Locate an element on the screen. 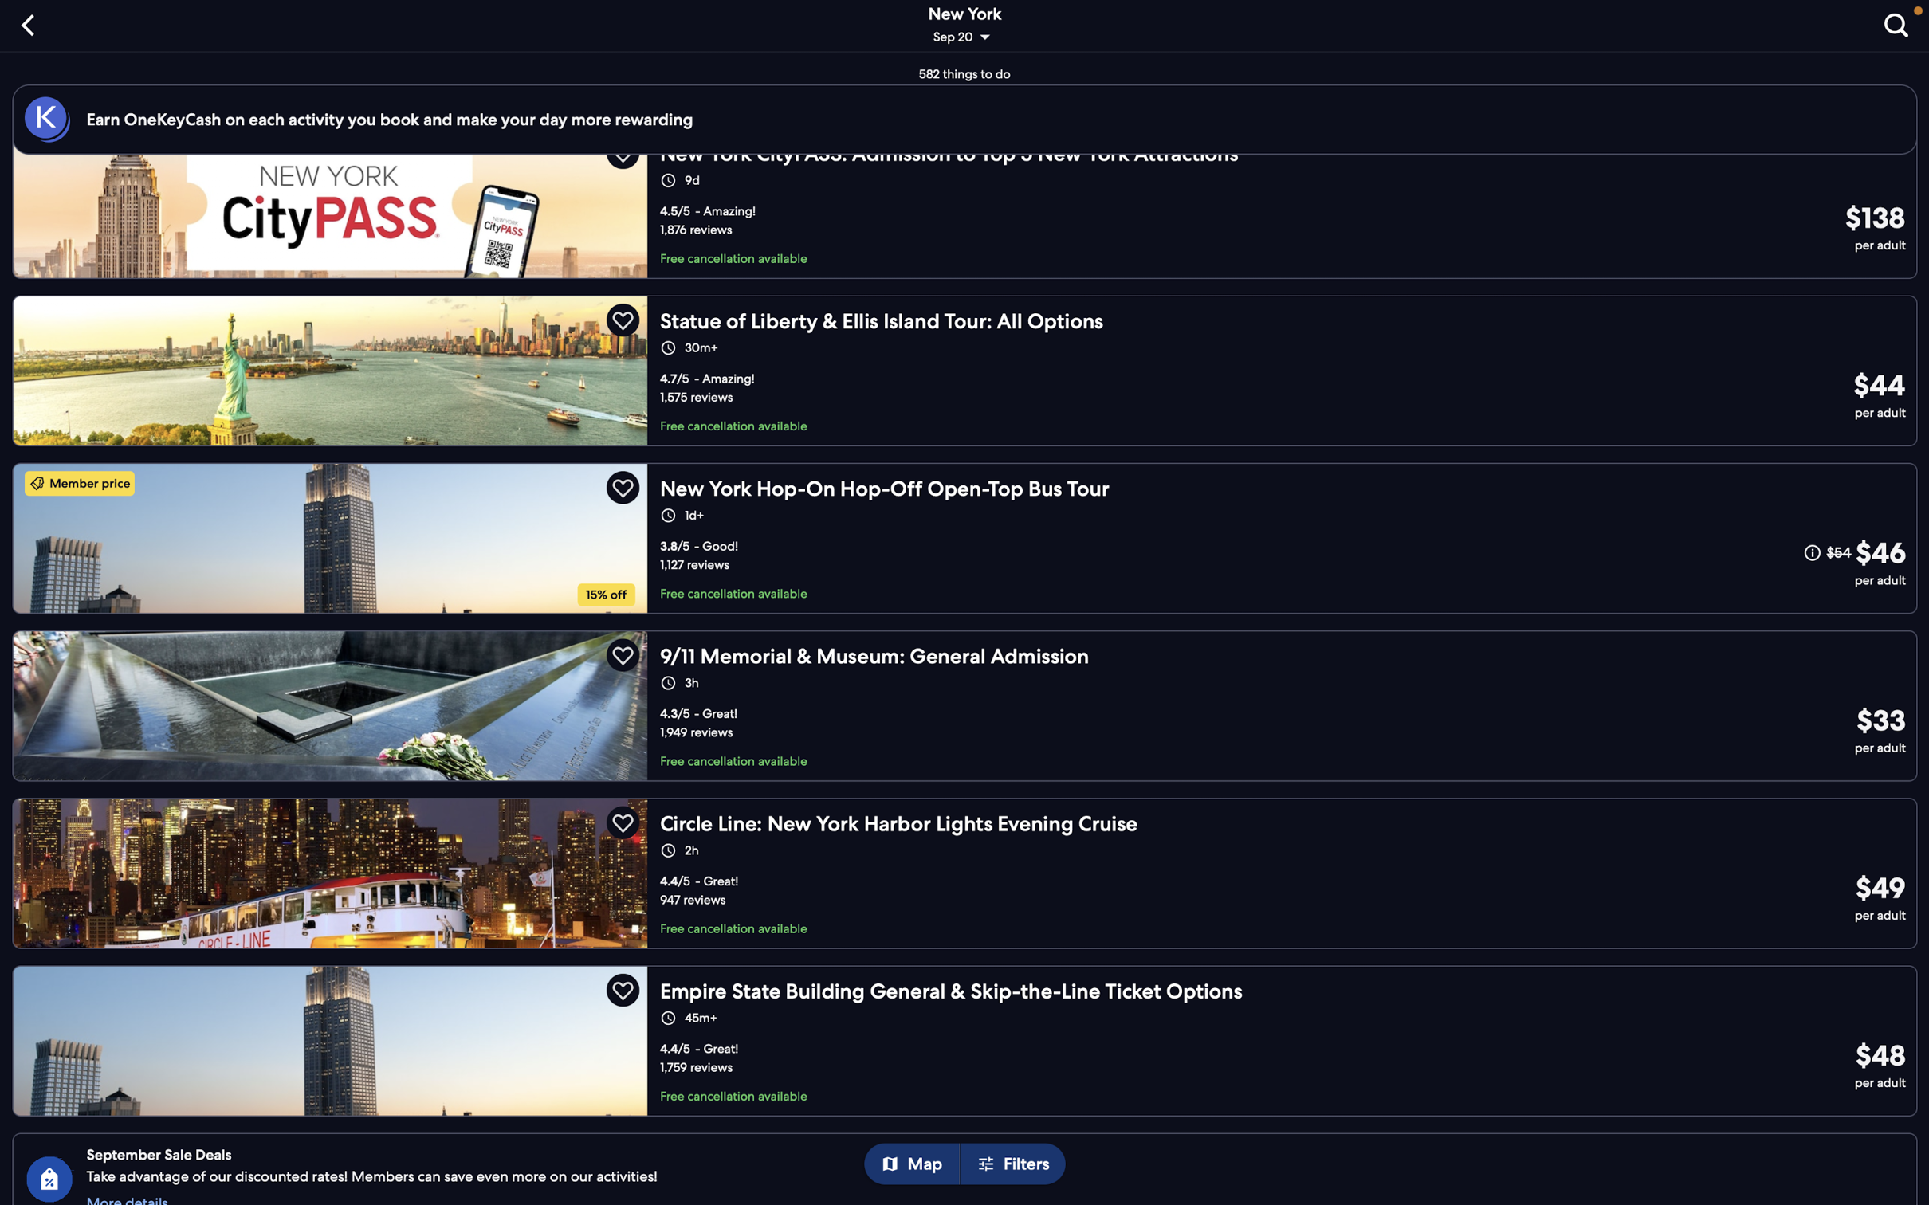 This screenshot has width=1929, height=1205. the "citypass newyork" option to see the different packages is located at coordinates (970, 216).